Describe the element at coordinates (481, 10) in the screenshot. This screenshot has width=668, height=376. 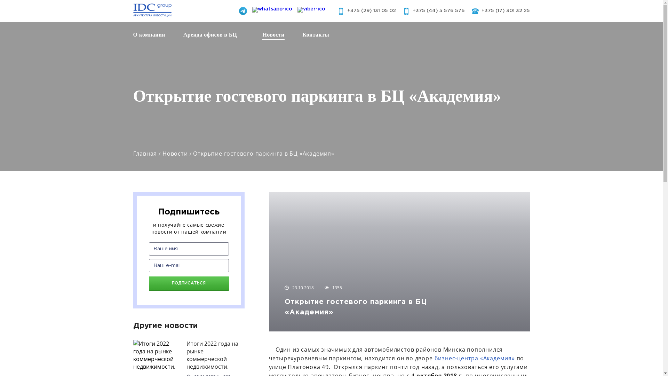
I see `'+375 (17) 301 32 25'` at that location.